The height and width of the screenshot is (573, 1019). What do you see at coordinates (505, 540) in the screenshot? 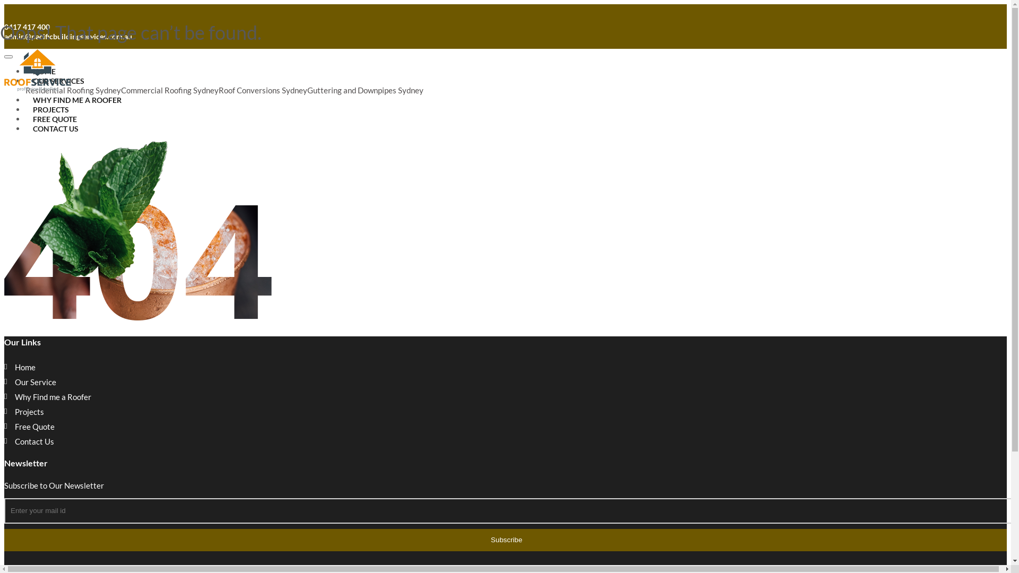
I see `'Subscribe'` at bounding box center [505, 540].